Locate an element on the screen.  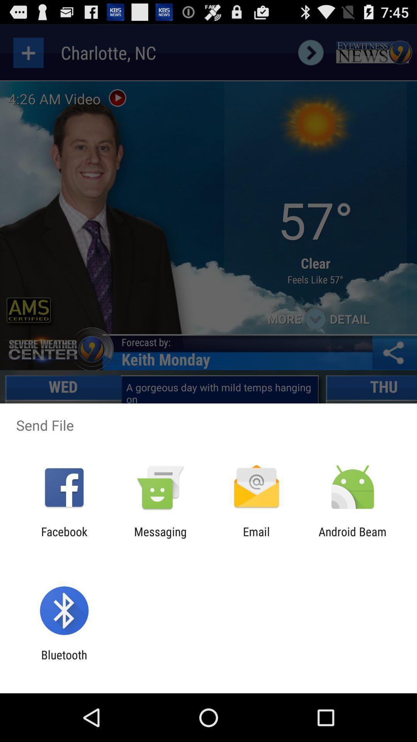
icon to the left of email item is located at coordinates (160, 538).